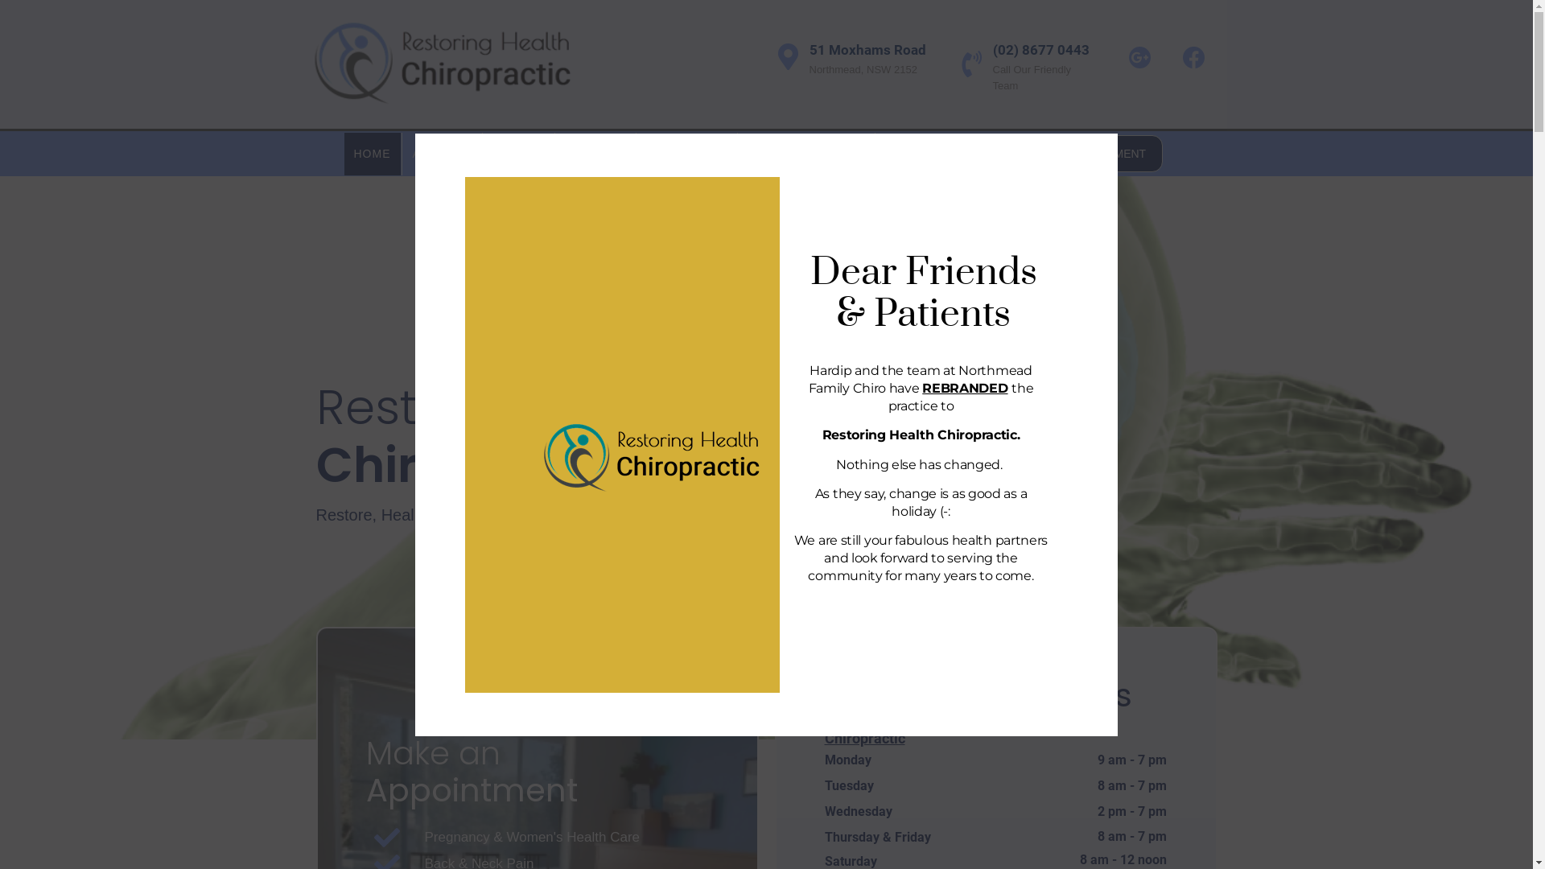 This screenshot has width=1545, height=869. Describe the element at coordinates (556, 153) in the screenshot. I see `'CAREERS'` at that location.